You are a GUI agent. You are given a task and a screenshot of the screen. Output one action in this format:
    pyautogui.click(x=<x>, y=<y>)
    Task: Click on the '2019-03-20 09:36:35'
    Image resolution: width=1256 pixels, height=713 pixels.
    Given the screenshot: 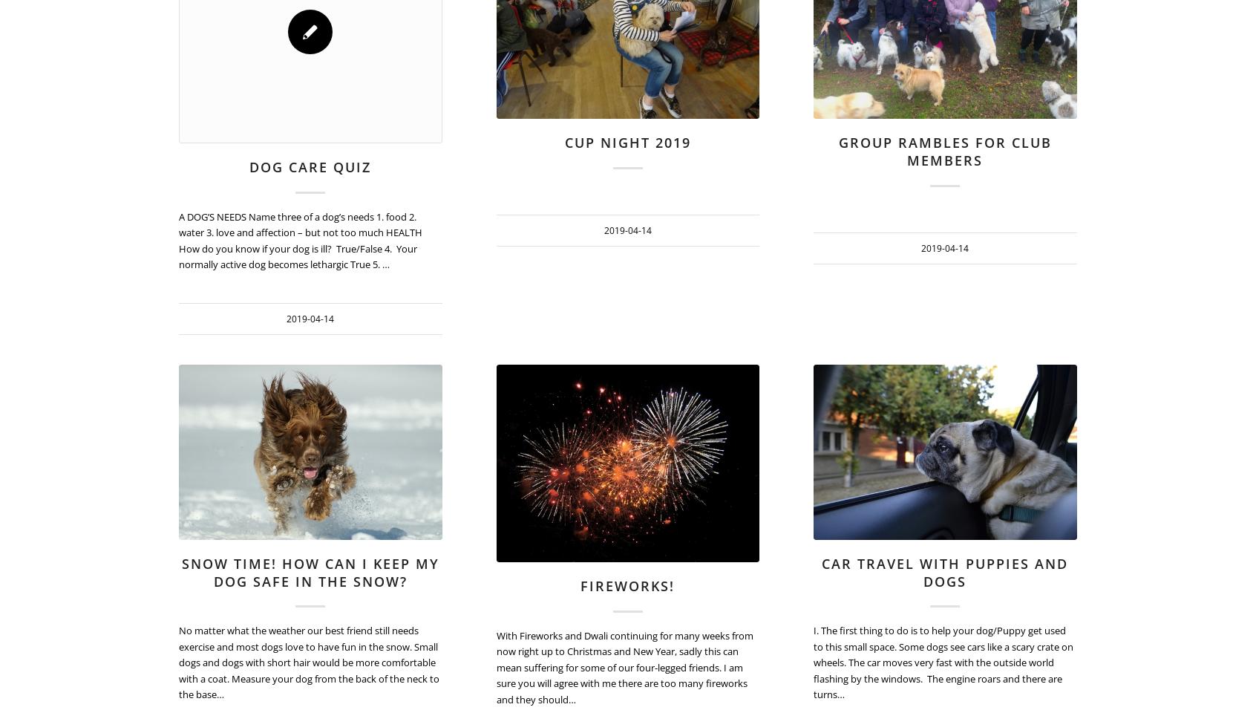 What is the action you would take?
    pyautogui.click(x=1151, y=15)
    